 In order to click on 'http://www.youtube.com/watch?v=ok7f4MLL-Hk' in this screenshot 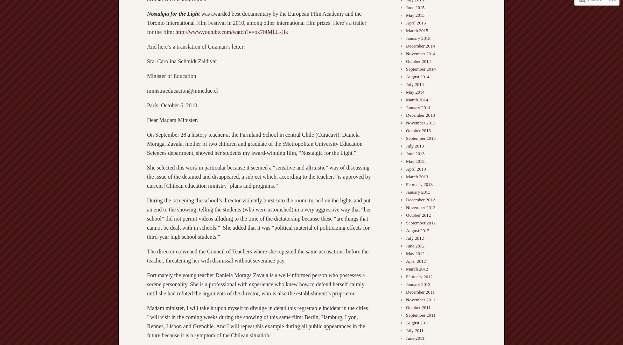, I will do `click(231, 31)`.